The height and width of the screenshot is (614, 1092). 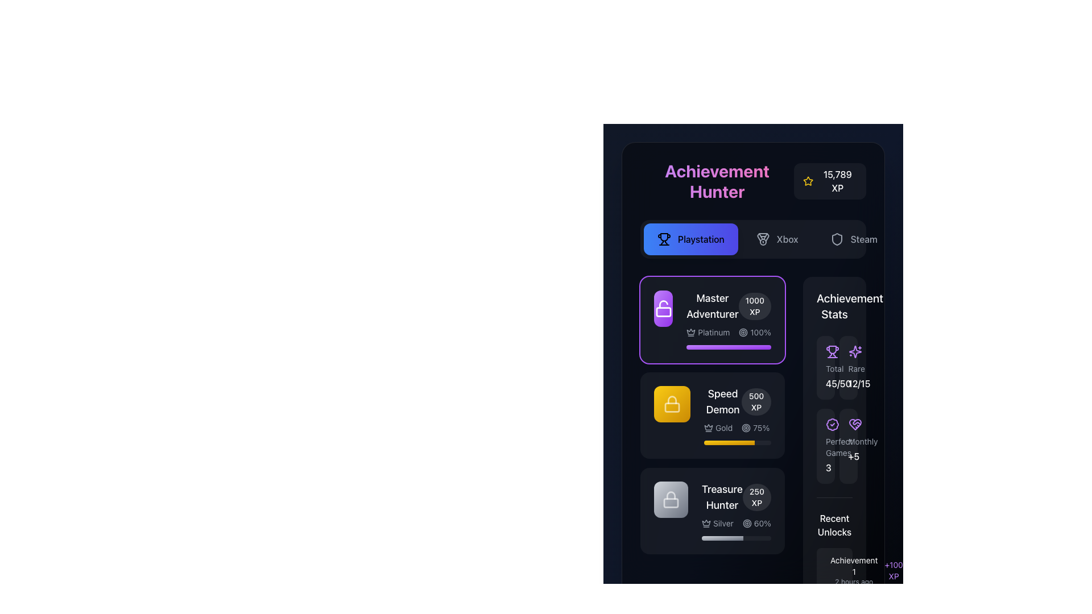 I want to click on the decorative part of the lock icon representing the 'Treasure Hunter' achievement card, located at the bottom section of the lock, centered within the icon, so click(x=671, y=502).